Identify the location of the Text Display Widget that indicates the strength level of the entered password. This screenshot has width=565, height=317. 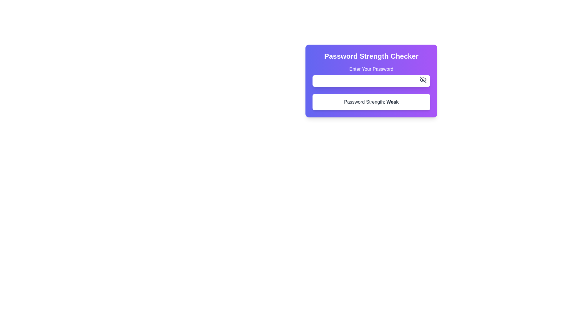
(371, 102).